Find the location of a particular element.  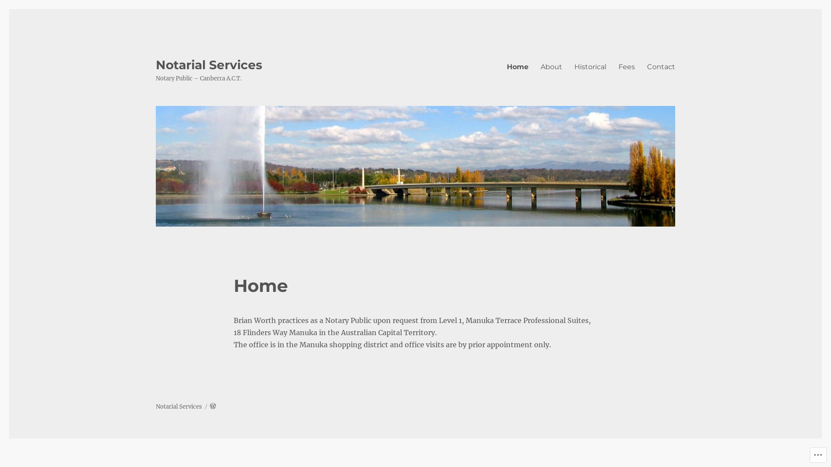

'About' is located at coordinates (551, 66).